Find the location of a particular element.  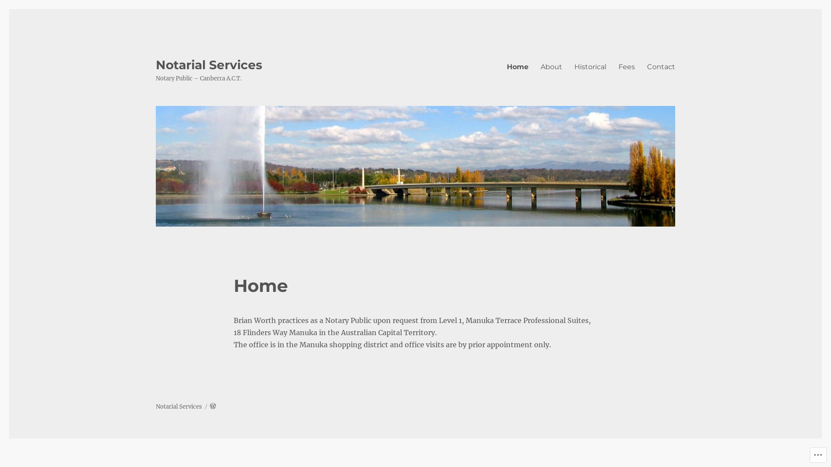

'About' is located at coordinates (551, 66).